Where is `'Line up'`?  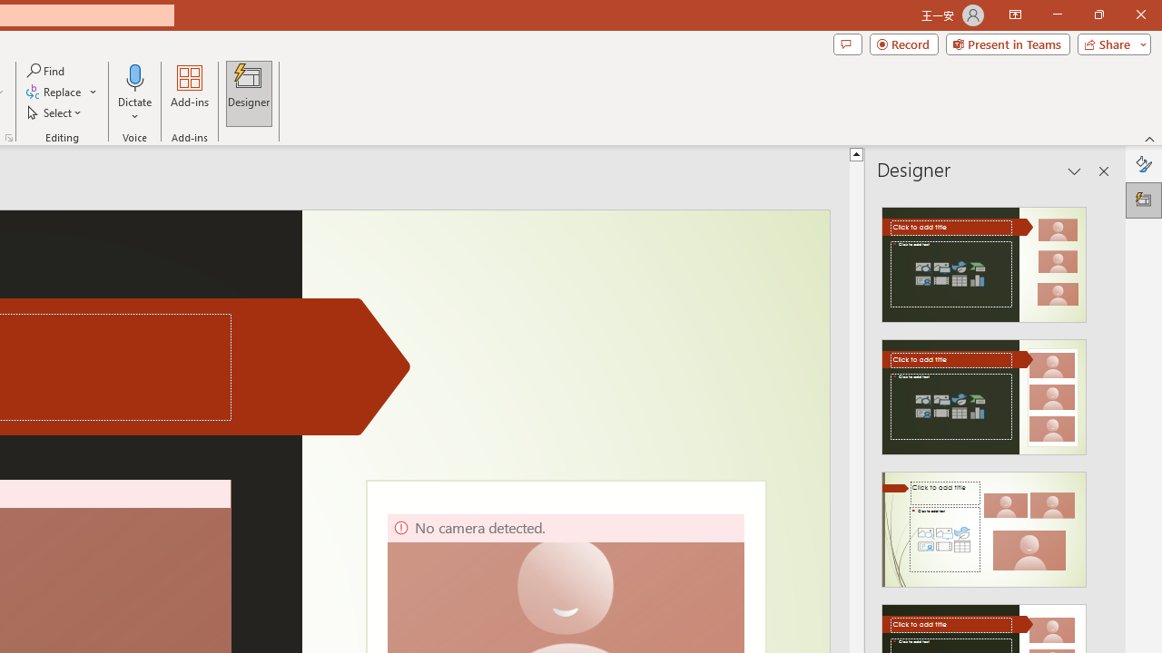 'Line up' is located at coordinates (855, 152).